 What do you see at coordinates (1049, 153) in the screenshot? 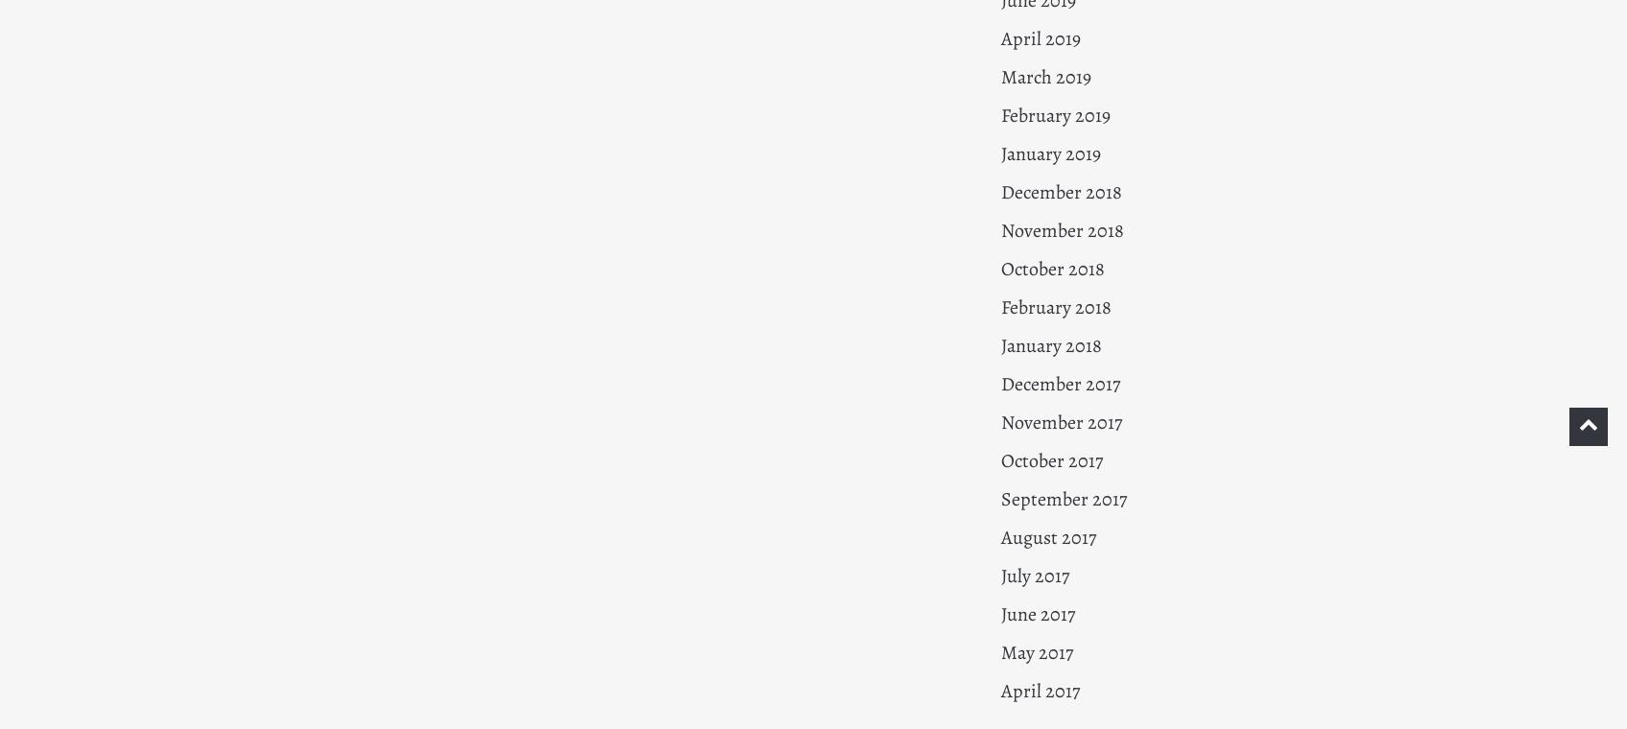
I see `'January 2019'` at bounding box center [1049, 153].